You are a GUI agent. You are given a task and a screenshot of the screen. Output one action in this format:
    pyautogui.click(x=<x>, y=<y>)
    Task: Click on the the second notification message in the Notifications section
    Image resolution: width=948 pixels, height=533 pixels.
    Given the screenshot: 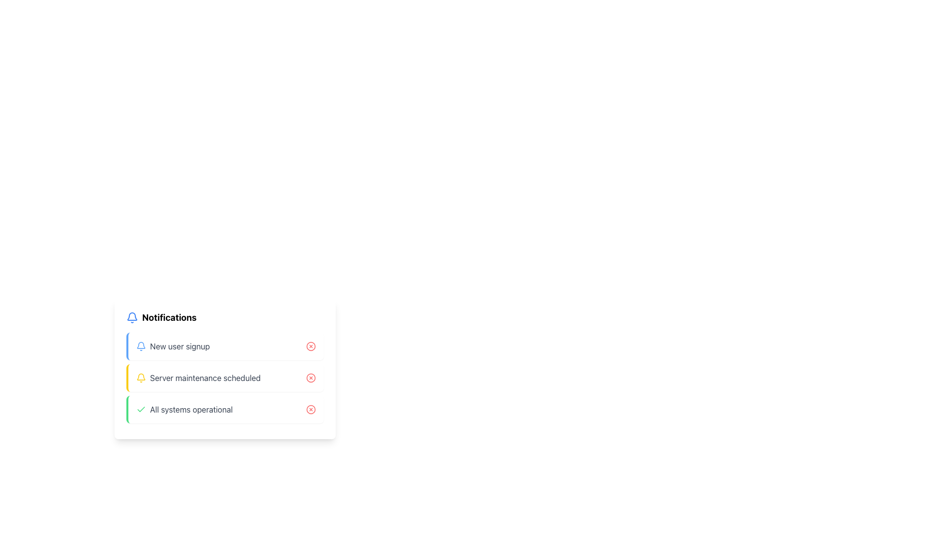 What is the action you would take?
    pyautogui.click(x=225, y=378)
    